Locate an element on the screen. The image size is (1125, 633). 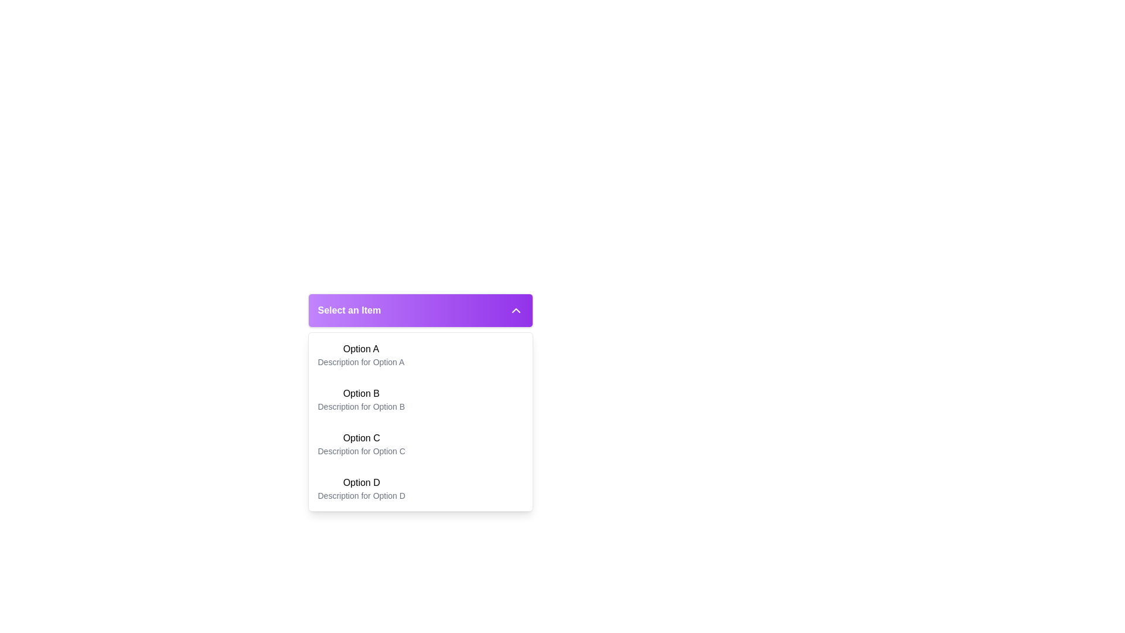
the selectable option labeled 'Option C' in the dropdown menu is located at coordinates (420, 444).